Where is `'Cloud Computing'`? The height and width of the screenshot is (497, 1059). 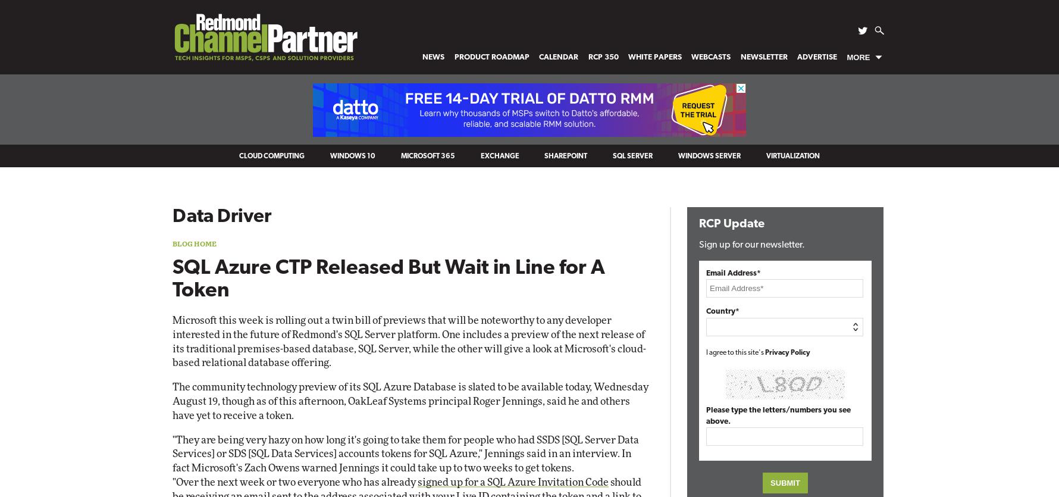 'Cloud Computing' is located at coordinates (271, 156).